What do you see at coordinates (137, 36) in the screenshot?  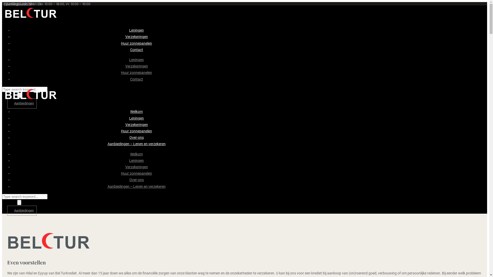 I see `'Verzekeringen'` at bounding box center [137, 36].